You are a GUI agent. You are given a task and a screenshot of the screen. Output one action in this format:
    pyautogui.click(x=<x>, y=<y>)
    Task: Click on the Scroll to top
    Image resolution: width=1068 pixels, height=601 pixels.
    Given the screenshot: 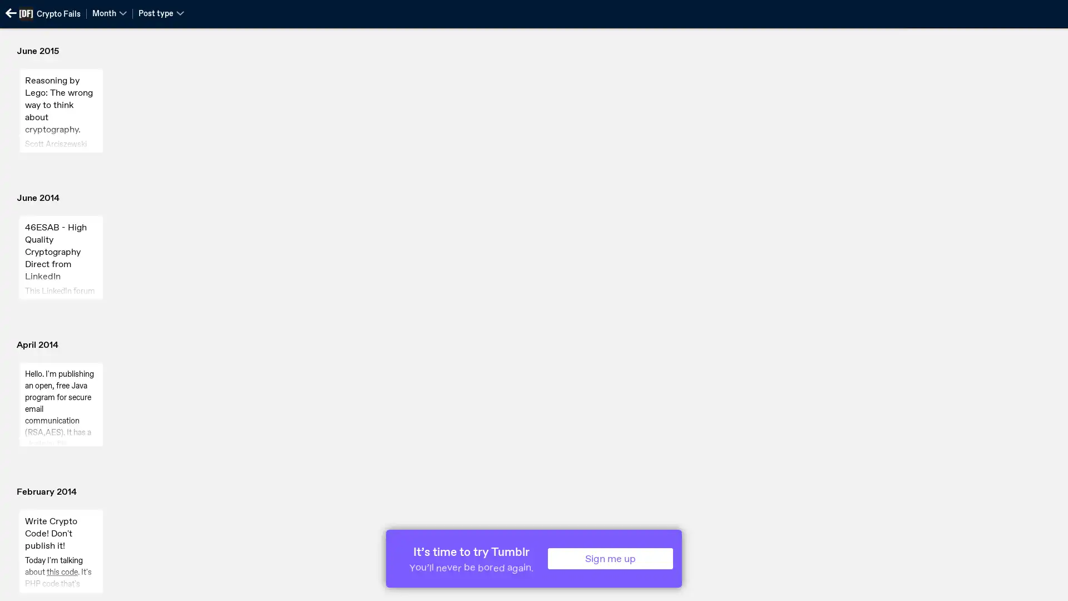 What is the action you would take?
    pyautogui.click(x=1046, y=588)
    